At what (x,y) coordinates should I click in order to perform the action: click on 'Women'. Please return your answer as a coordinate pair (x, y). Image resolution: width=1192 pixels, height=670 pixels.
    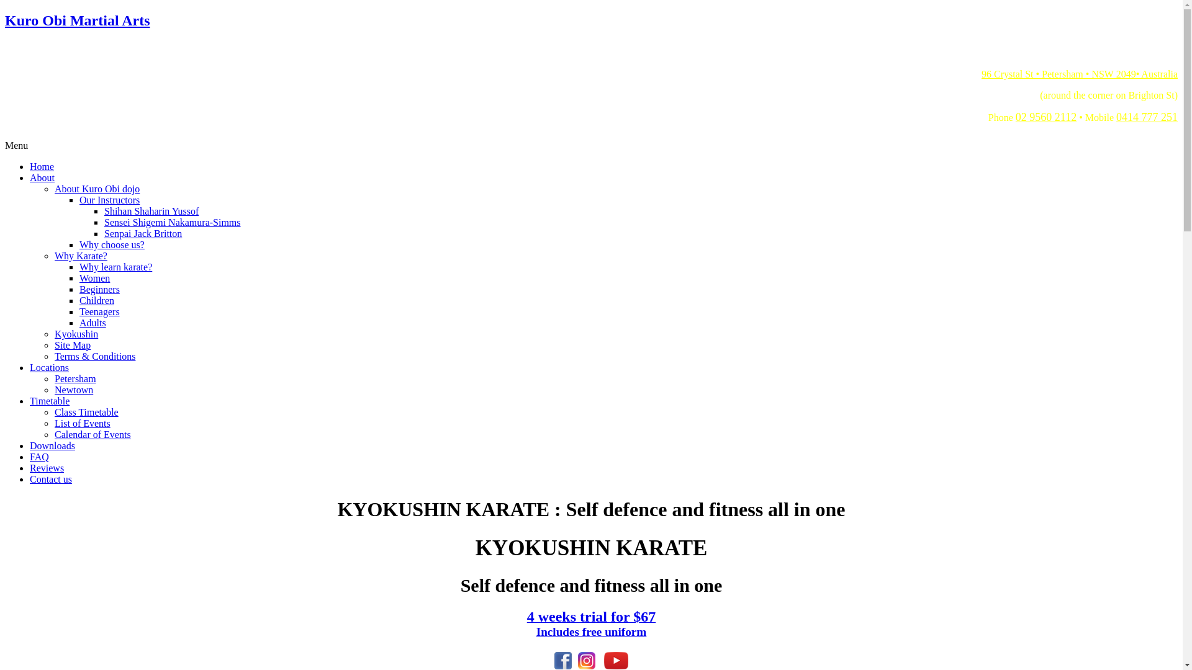
    Looking at the image, I should click on (94, 277).